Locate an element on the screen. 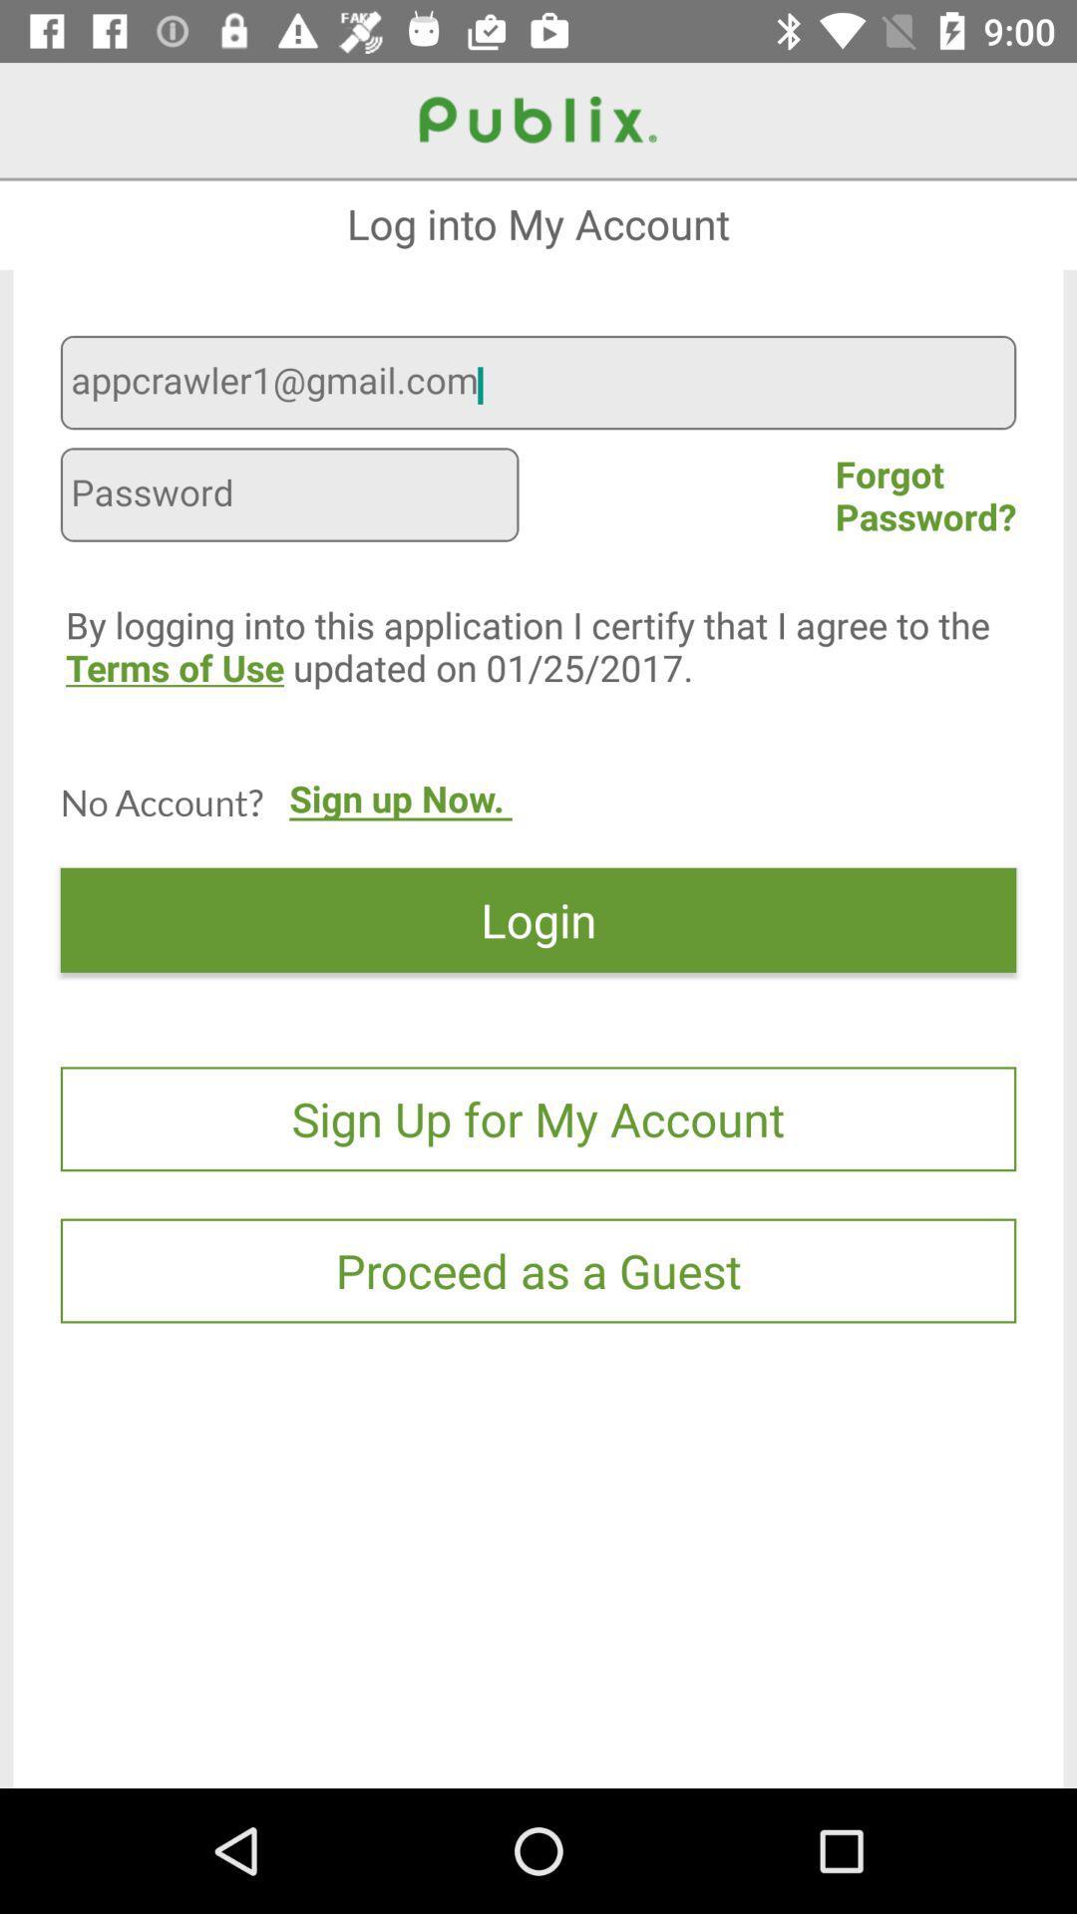 The image size is (1077, 1914). the icon below appcrawler1@gmail.com is located at coordinates (289, 497).